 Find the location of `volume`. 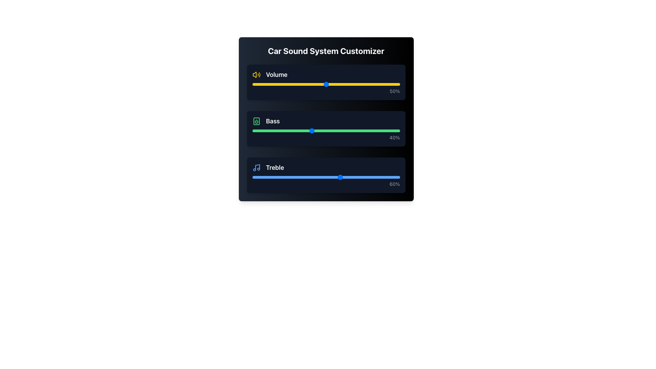

volume is located at coordinates (386, 84).